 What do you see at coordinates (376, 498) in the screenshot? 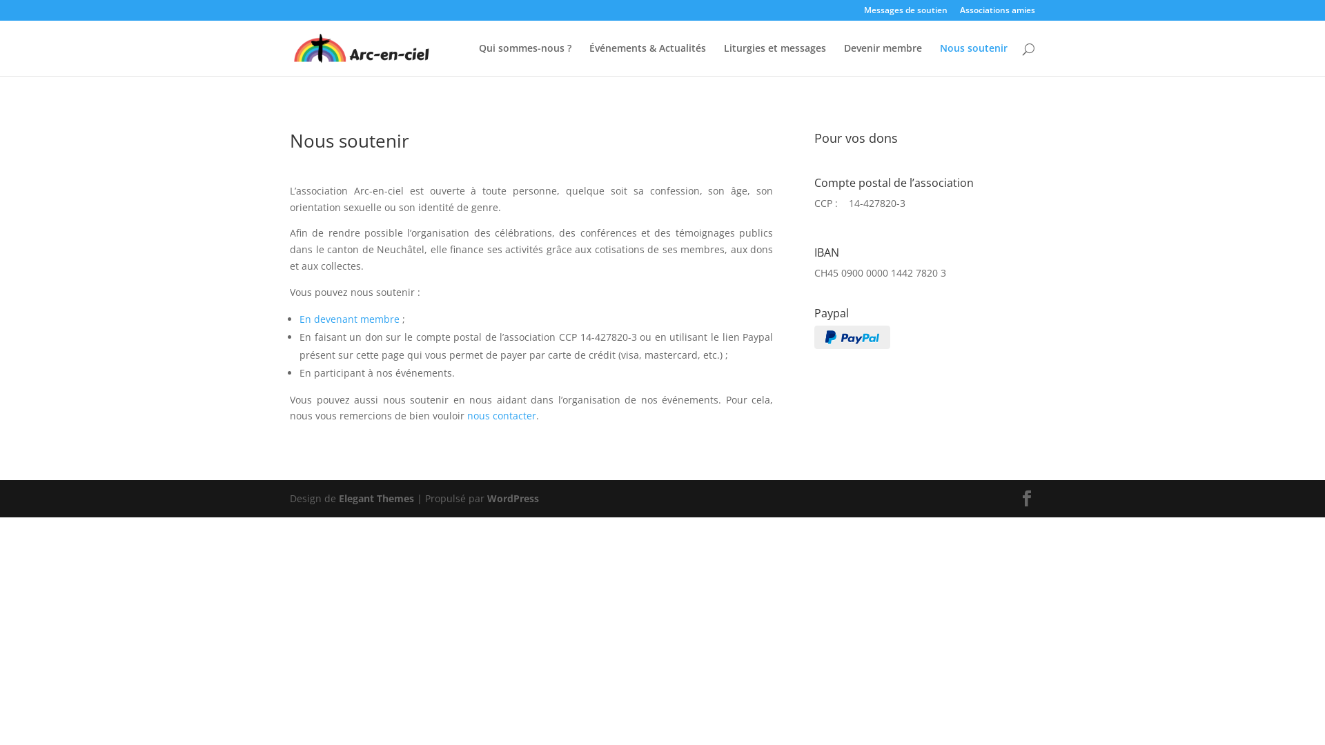
I see `'Elegant Themes'` at bounding box center [376, 498].